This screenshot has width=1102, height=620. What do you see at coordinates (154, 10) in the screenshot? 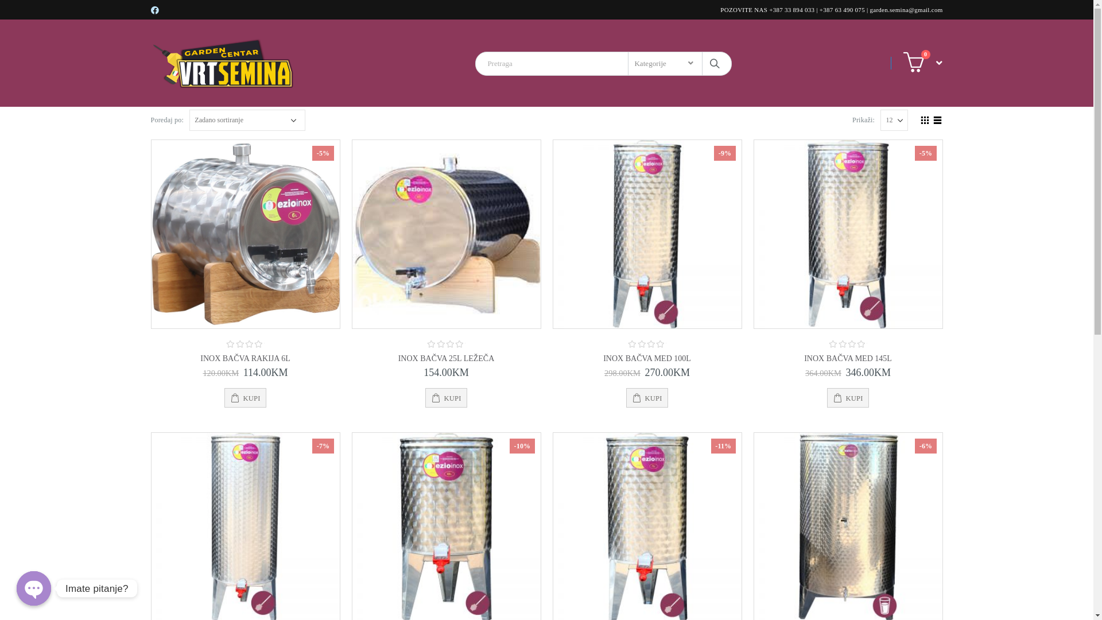
I see `'Facebook'` at bounding box center [154, 10].